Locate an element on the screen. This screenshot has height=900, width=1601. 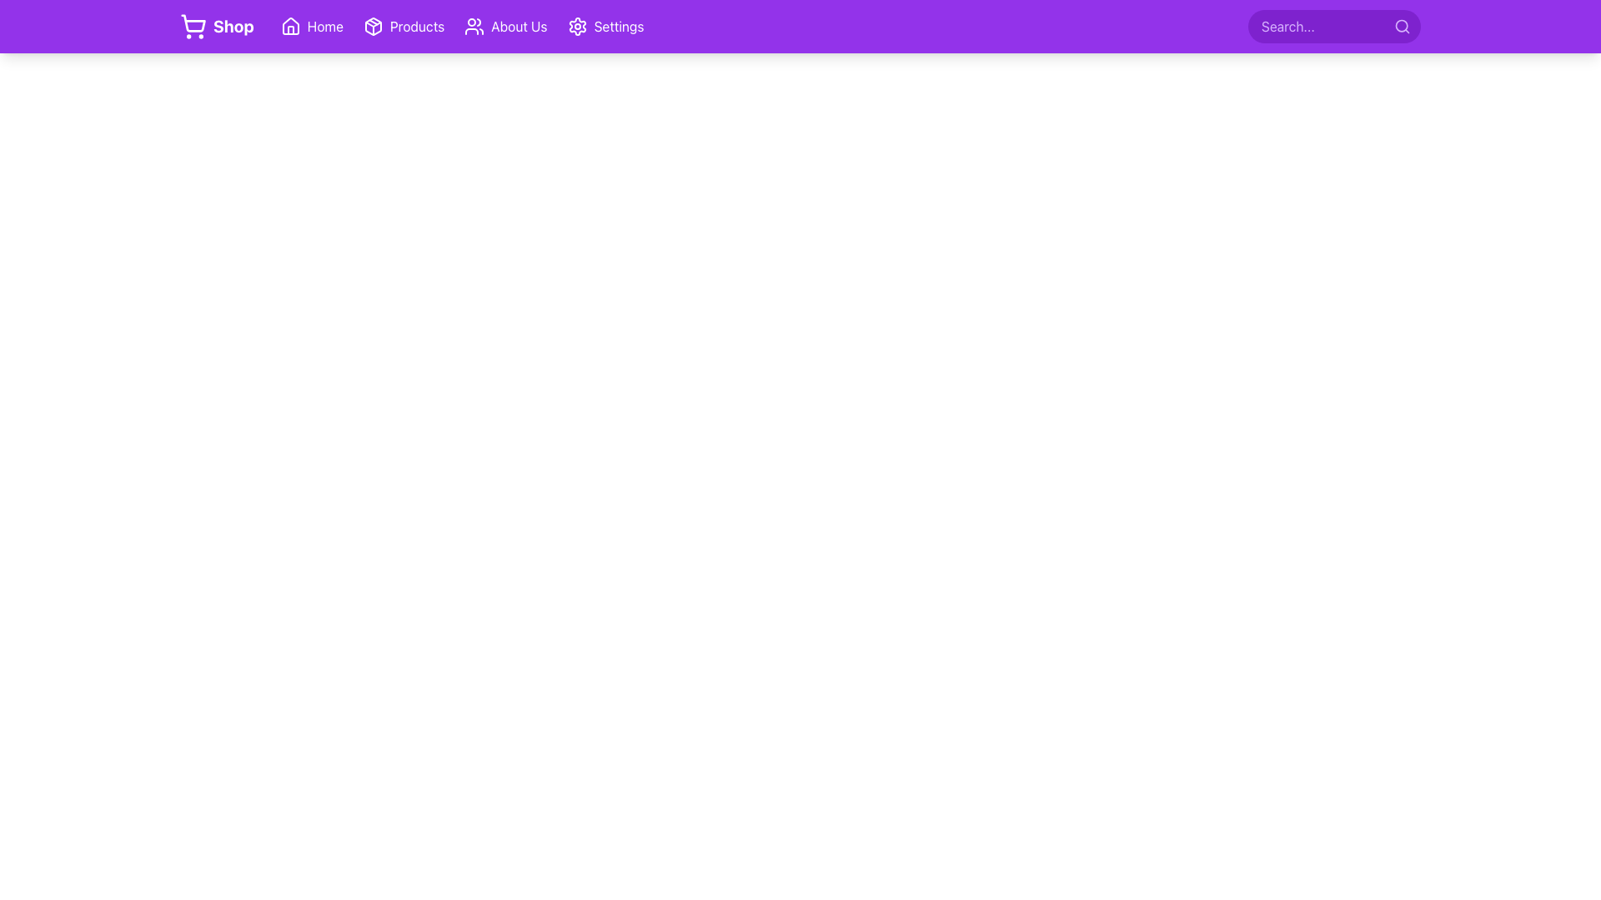
the vertical section of the house icon located in the top navigation bar, second from the left after the 'Shop' icon is located at coordinates (290, 30).